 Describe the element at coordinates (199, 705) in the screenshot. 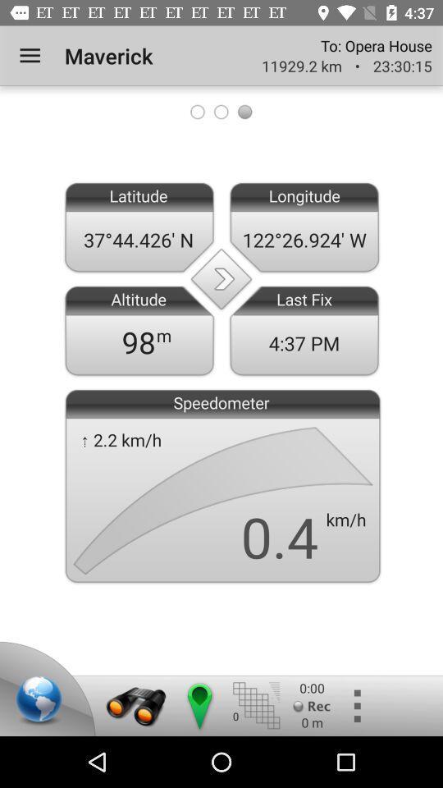

I see `navigate` at that location.